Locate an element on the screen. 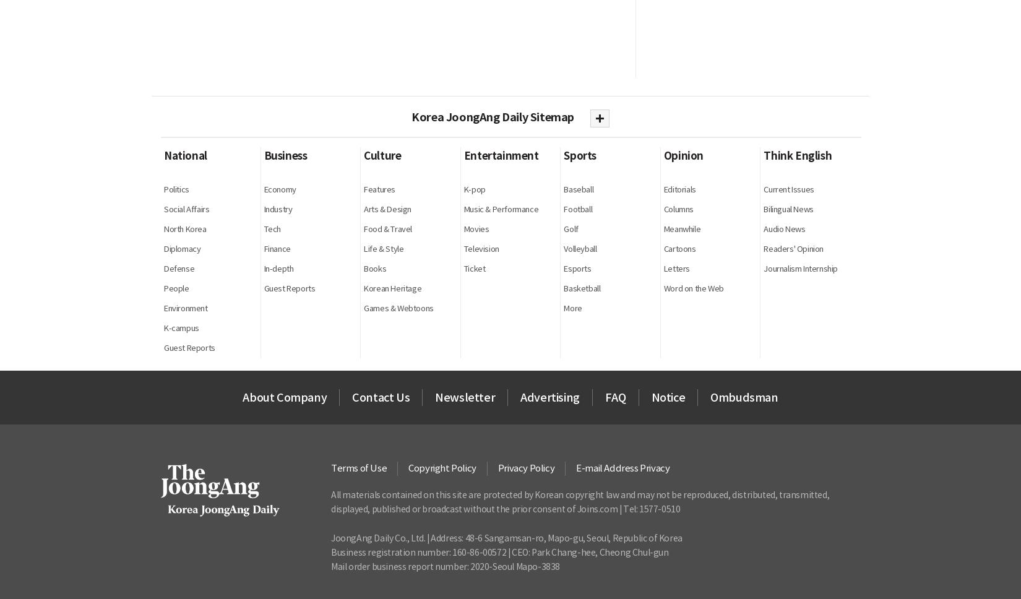 The width and height of the screenshot is (1021, 599). 'Entertainment' is located at coordinates (462, 155).